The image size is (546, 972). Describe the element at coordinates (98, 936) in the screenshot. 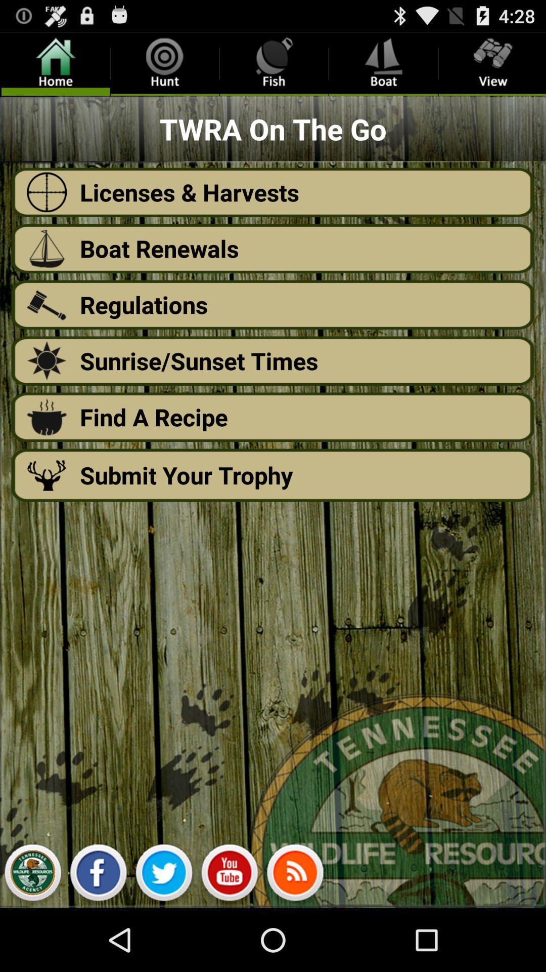

I see `the facebook icon` at that location.